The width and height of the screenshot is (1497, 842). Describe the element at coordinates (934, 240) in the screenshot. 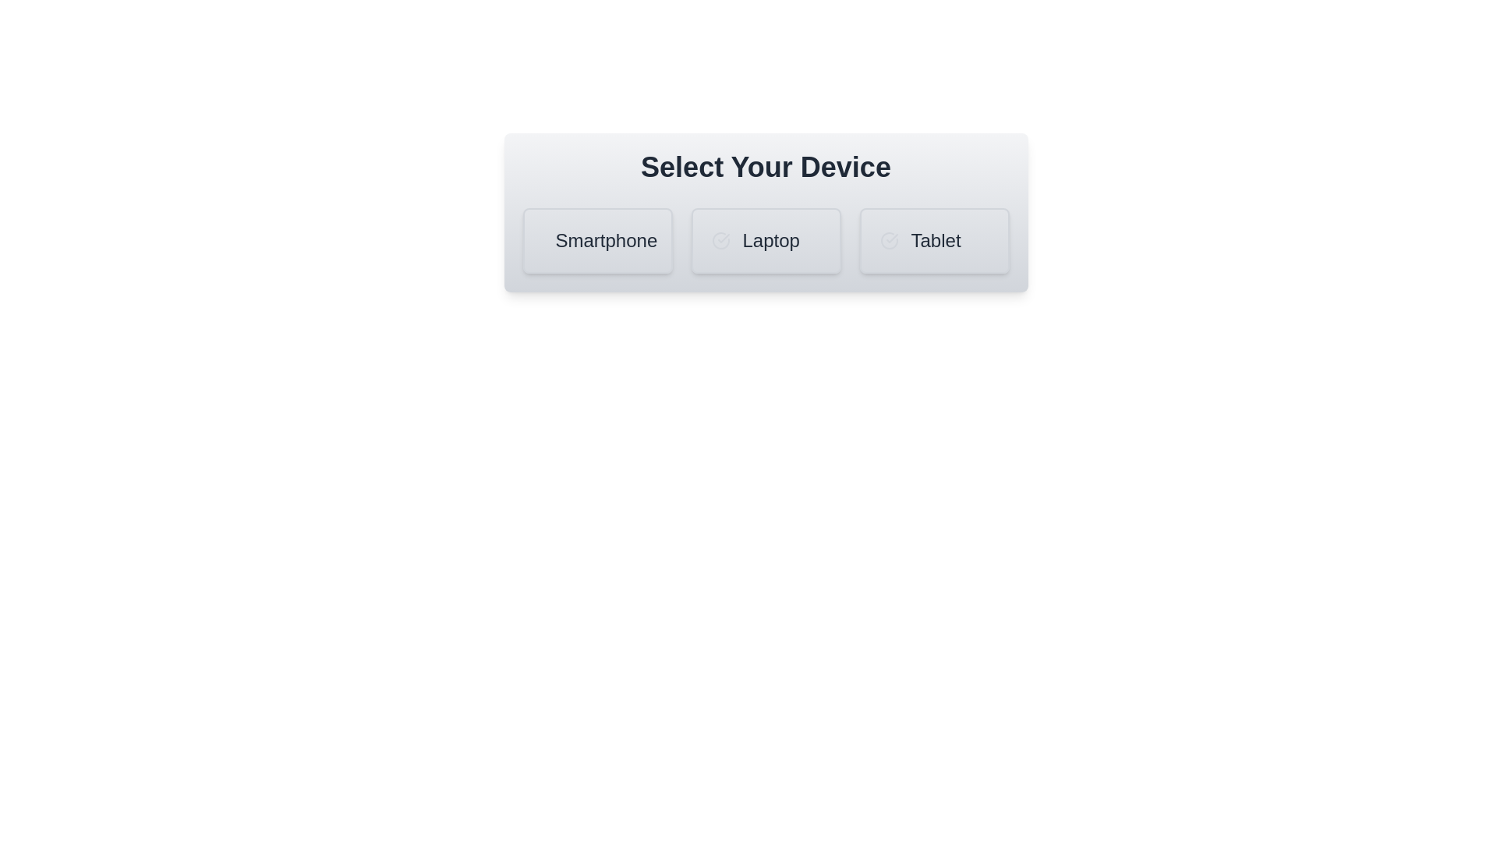

I see `the 'Tablet' radio button, which is the third button in the 'Select Your Device' group` at that location.